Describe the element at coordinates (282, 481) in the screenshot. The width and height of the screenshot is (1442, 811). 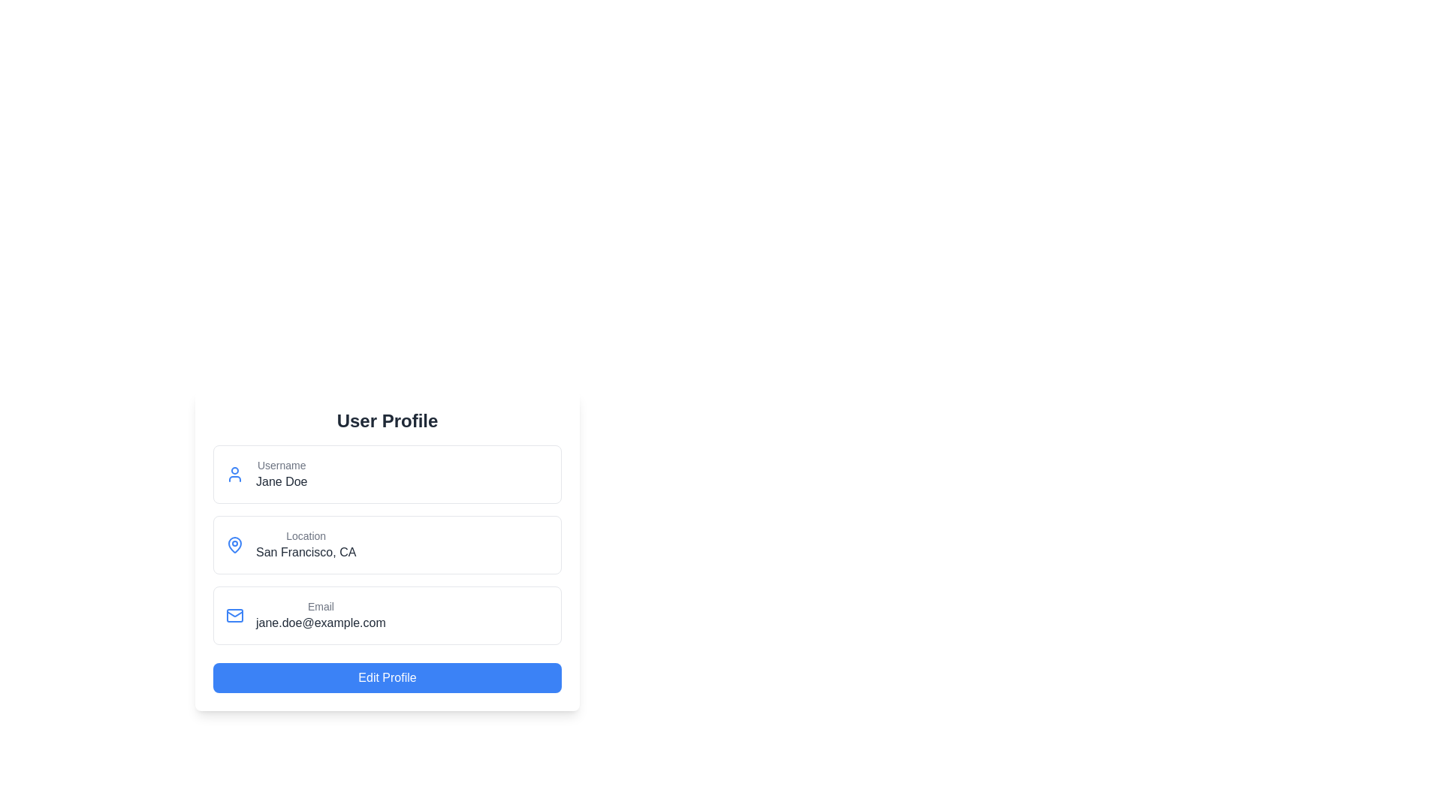
I see `the text label displaying 'Jane Doe', which is located within the 'Username' section of the user profile form, positioned directly below the 'Username' label` at that location.